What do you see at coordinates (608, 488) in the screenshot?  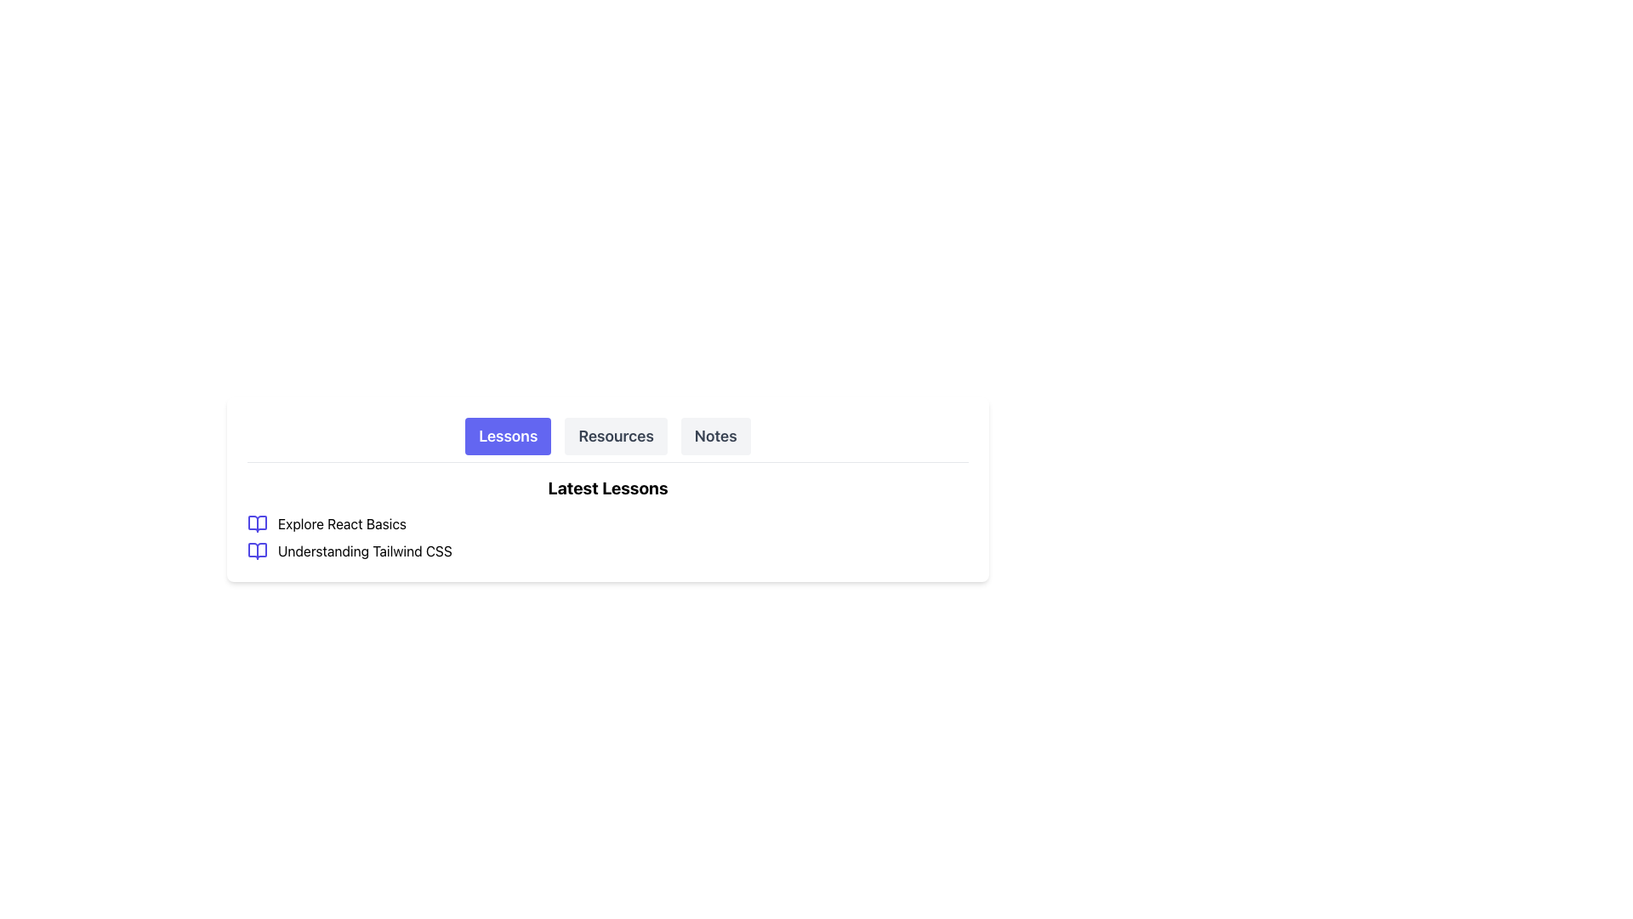 I see `the bold text string displaying 'Latest Lessons', which serves as a heading for the lesson listings` at bounding box center [608, 488].